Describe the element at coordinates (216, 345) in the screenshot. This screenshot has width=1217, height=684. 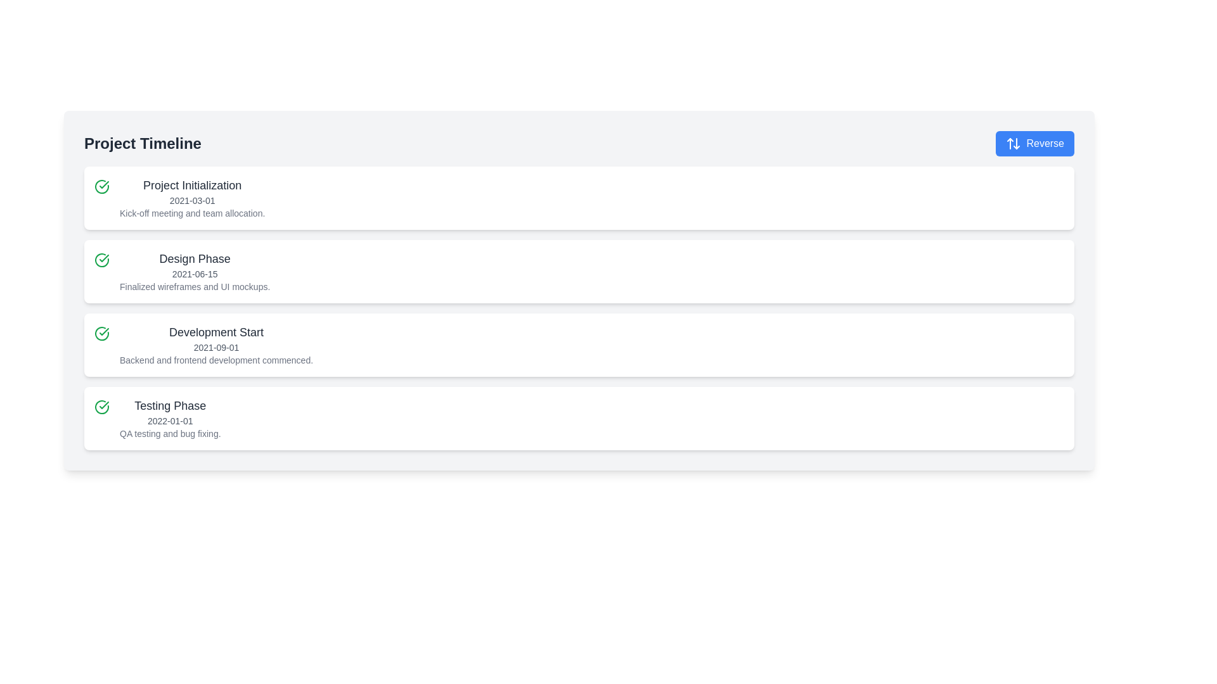
I see `the 'Development Start' text block, which contains the heading, date, and descriptive text, to interact with nearby related elements` at that location.